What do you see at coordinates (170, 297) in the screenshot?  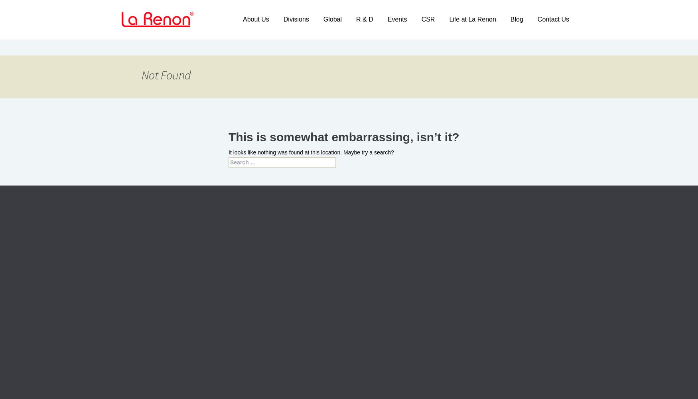 I see `'With an inherent drive for a greater healthcare, La Renon was established with much passion in 2007. With deep-rooted  belief in creative solutions filling the real time medical gaps coupled with a strong core team, La Renon became one of the top 40 pharmaceutical companies of India within 10 years of inception. By April 2020, it ranked 34th in the market with a promi'` at bounding box center [170, 297].